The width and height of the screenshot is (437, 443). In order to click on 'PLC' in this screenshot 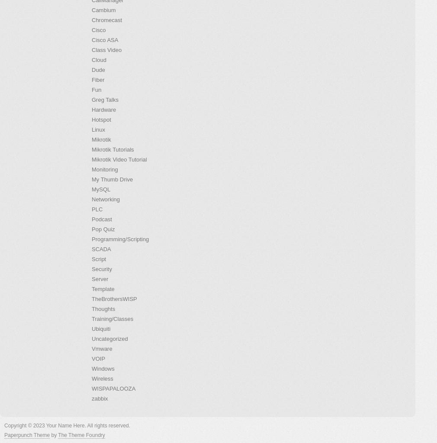, I will do `click(96, 209)`.